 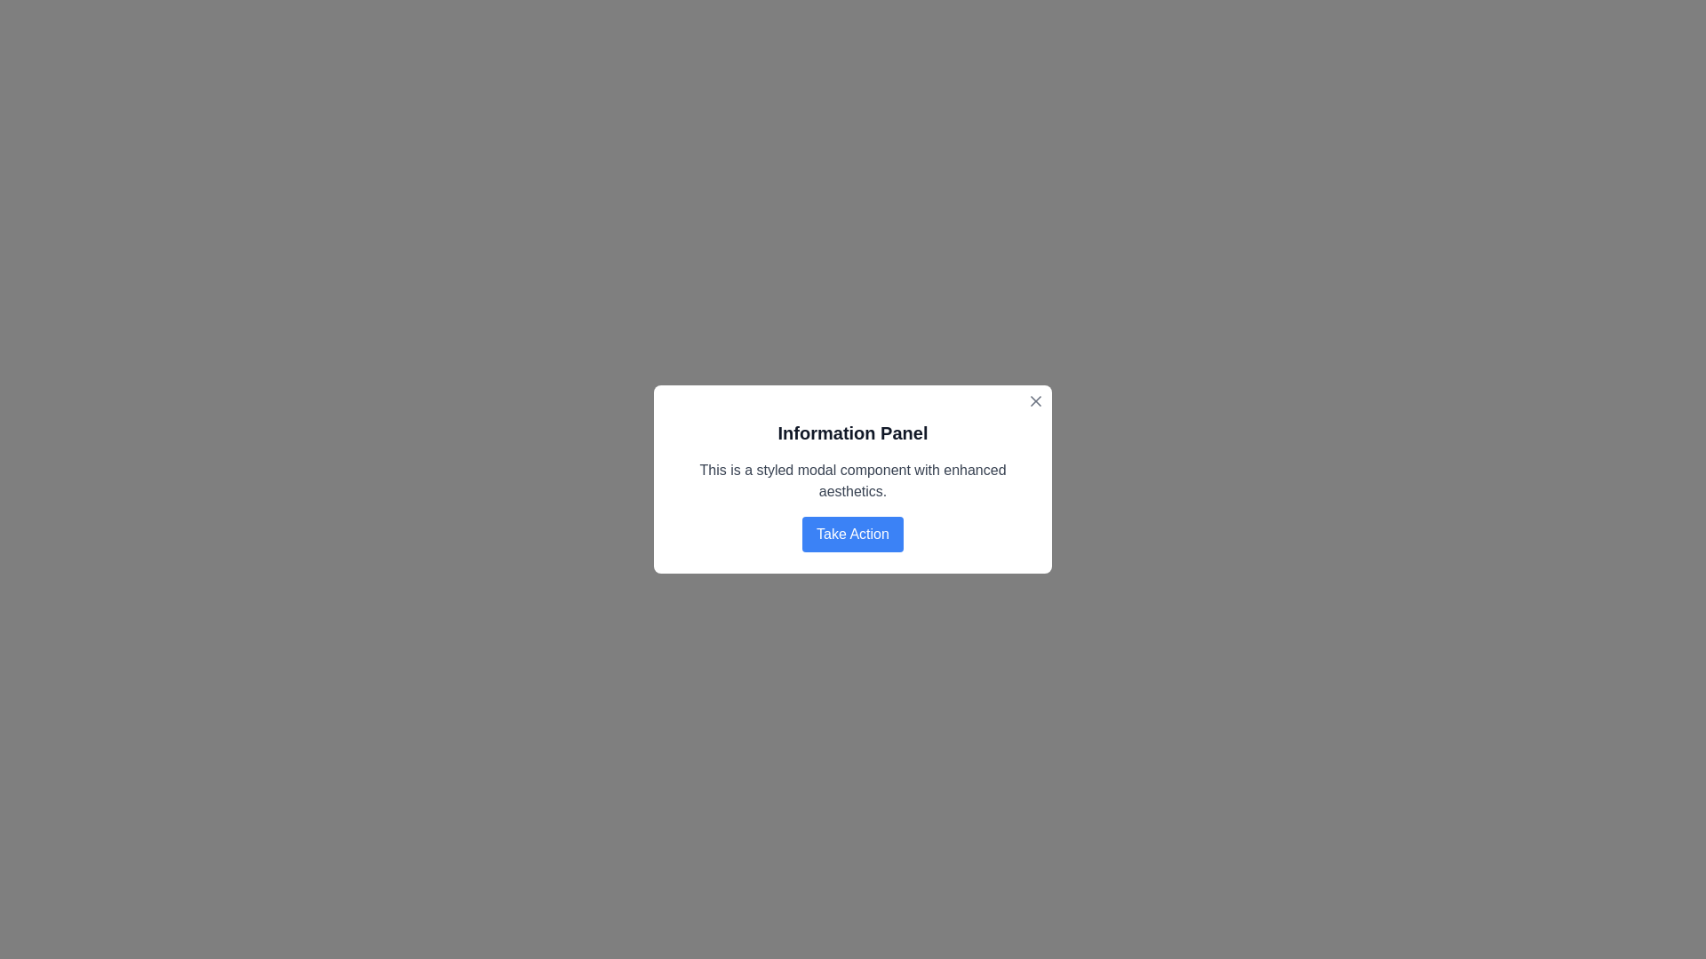 I want to click on information displayed in the 'Information Panel' which includes the title 'Information Panel', descriptive text, and the 'Take Action' button, so click(x=853, y=486).